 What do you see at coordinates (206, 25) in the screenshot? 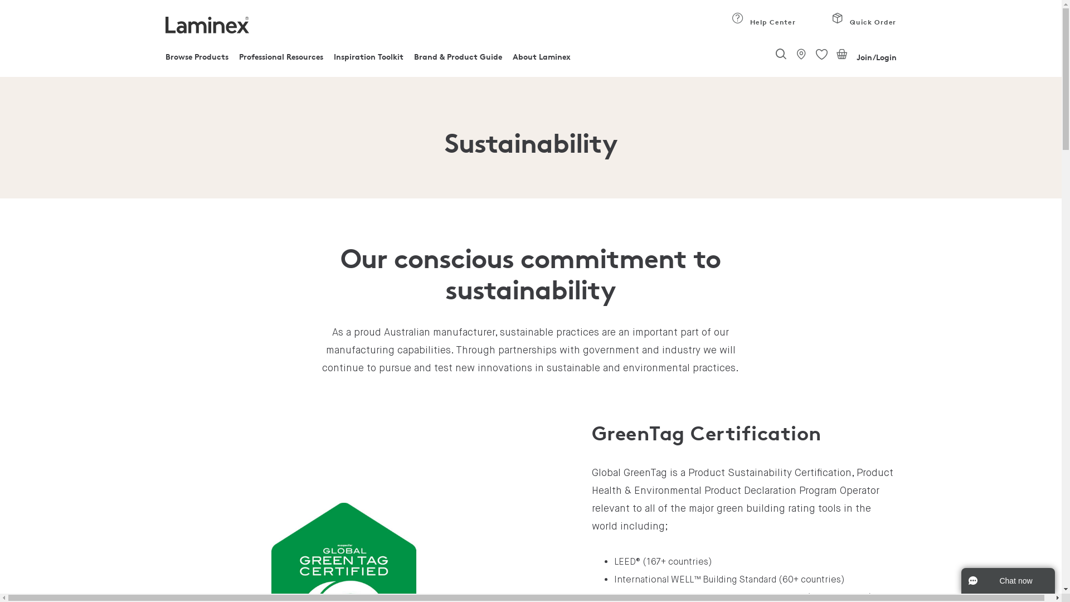
I see `'Laminex logo'` at bounding box center [206, 25].